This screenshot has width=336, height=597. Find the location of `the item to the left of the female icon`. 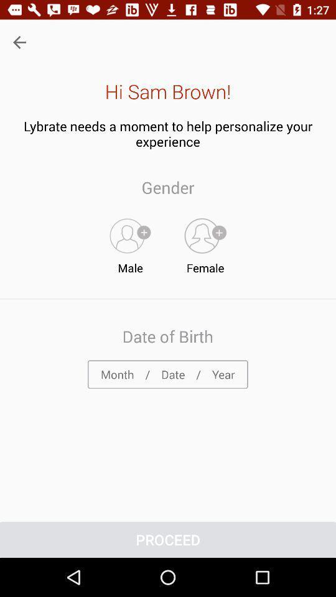

the item to the left of the female icon is located at coordinates (129, 243).